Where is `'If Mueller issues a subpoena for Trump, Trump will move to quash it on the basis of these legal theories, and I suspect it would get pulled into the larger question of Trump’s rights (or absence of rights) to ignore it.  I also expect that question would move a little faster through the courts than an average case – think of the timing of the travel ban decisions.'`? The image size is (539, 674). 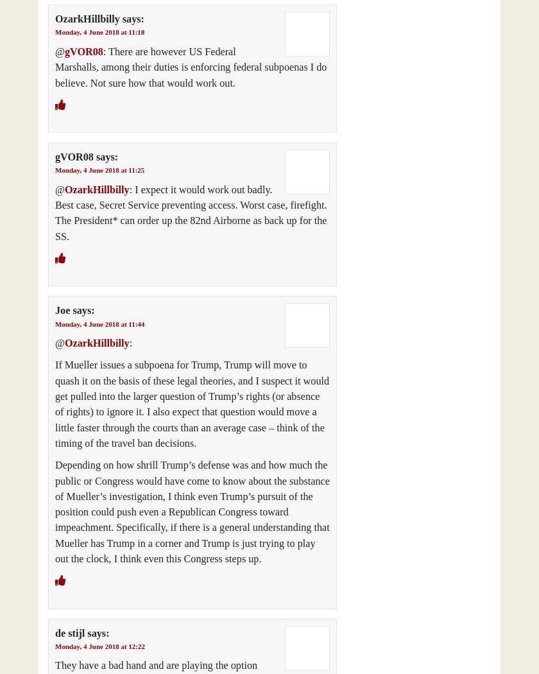
'If Mueller issues a subpoena for Trump, Trump will move to quash it on the basis of these legal theories, and I suspect it would get pulled into the larger question of Trump’s rights (or absence of rights) to ignore it.  I also expect that question would move a little faster through the courts than an average case – think of the timing of the travel ban decisions.' is located at coordinates (192, 404).